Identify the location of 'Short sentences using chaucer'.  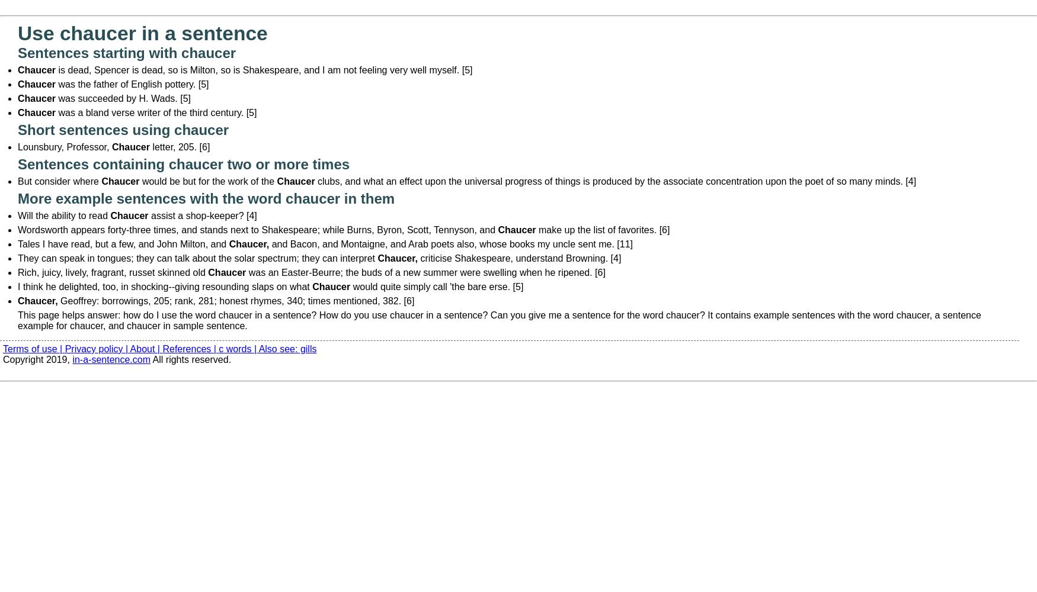
(123, 129).